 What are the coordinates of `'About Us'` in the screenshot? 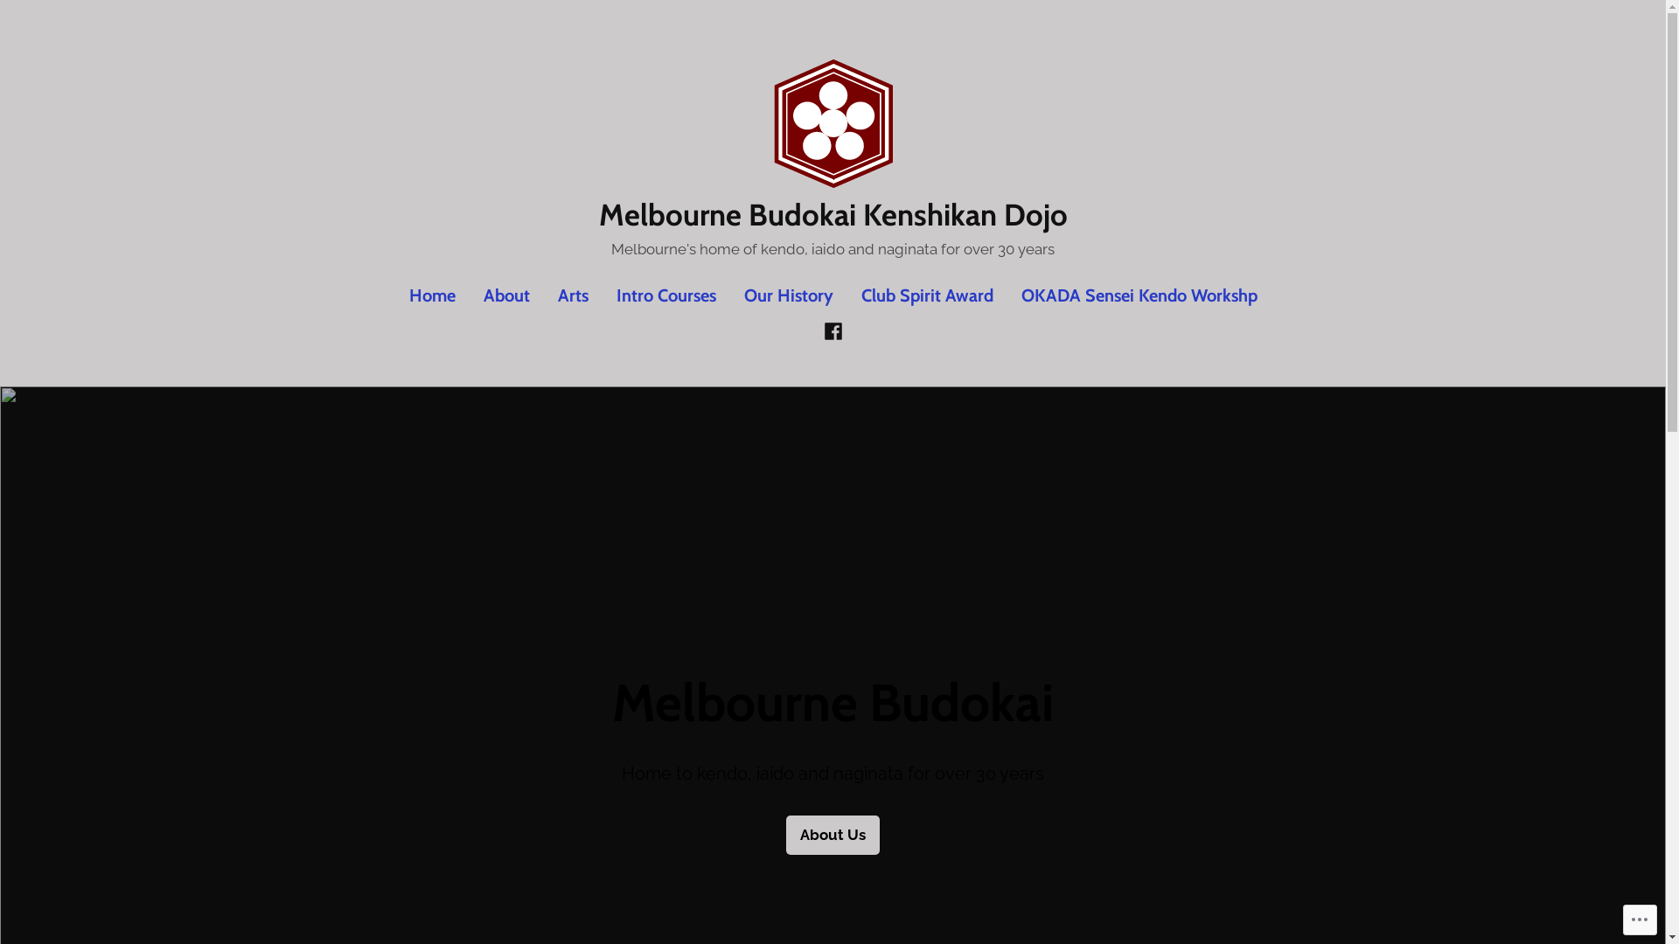 It's located at (832, 834).